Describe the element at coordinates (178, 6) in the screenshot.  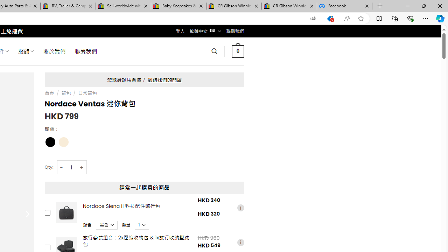
I see `'Baby Keepsakes & Announcements for sale | eBay'` at that location.